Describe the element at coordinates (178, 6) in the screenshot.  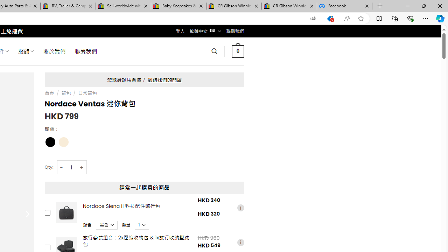
I see `'Baby Keepsakes & Announcements for sale | eBay'` at that location.